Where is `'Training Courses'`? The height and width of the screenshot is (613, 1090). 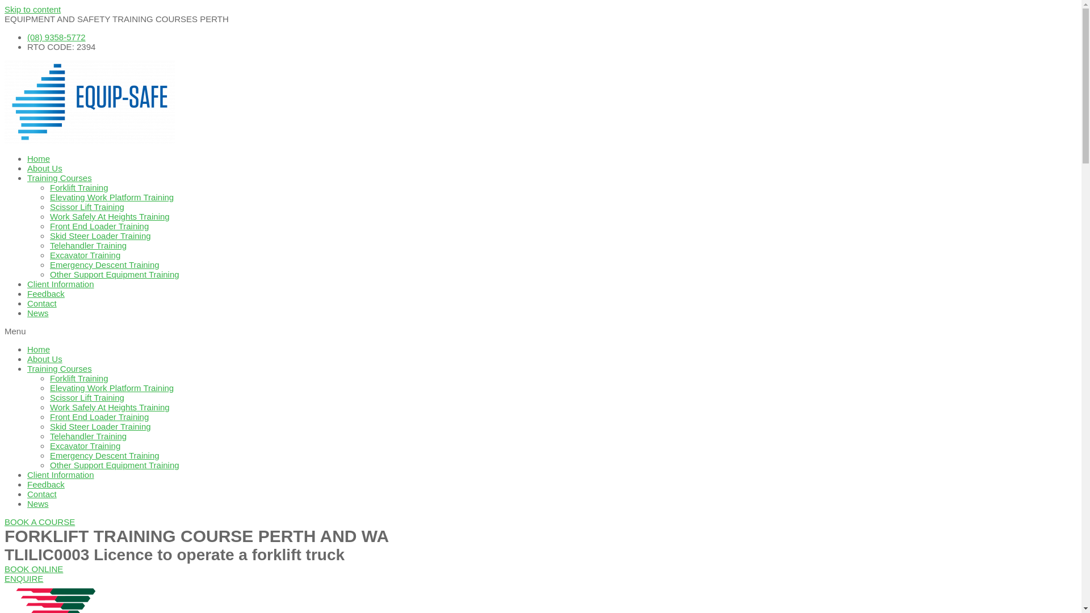
'Training Courses' is located at coordinates (59, 368).